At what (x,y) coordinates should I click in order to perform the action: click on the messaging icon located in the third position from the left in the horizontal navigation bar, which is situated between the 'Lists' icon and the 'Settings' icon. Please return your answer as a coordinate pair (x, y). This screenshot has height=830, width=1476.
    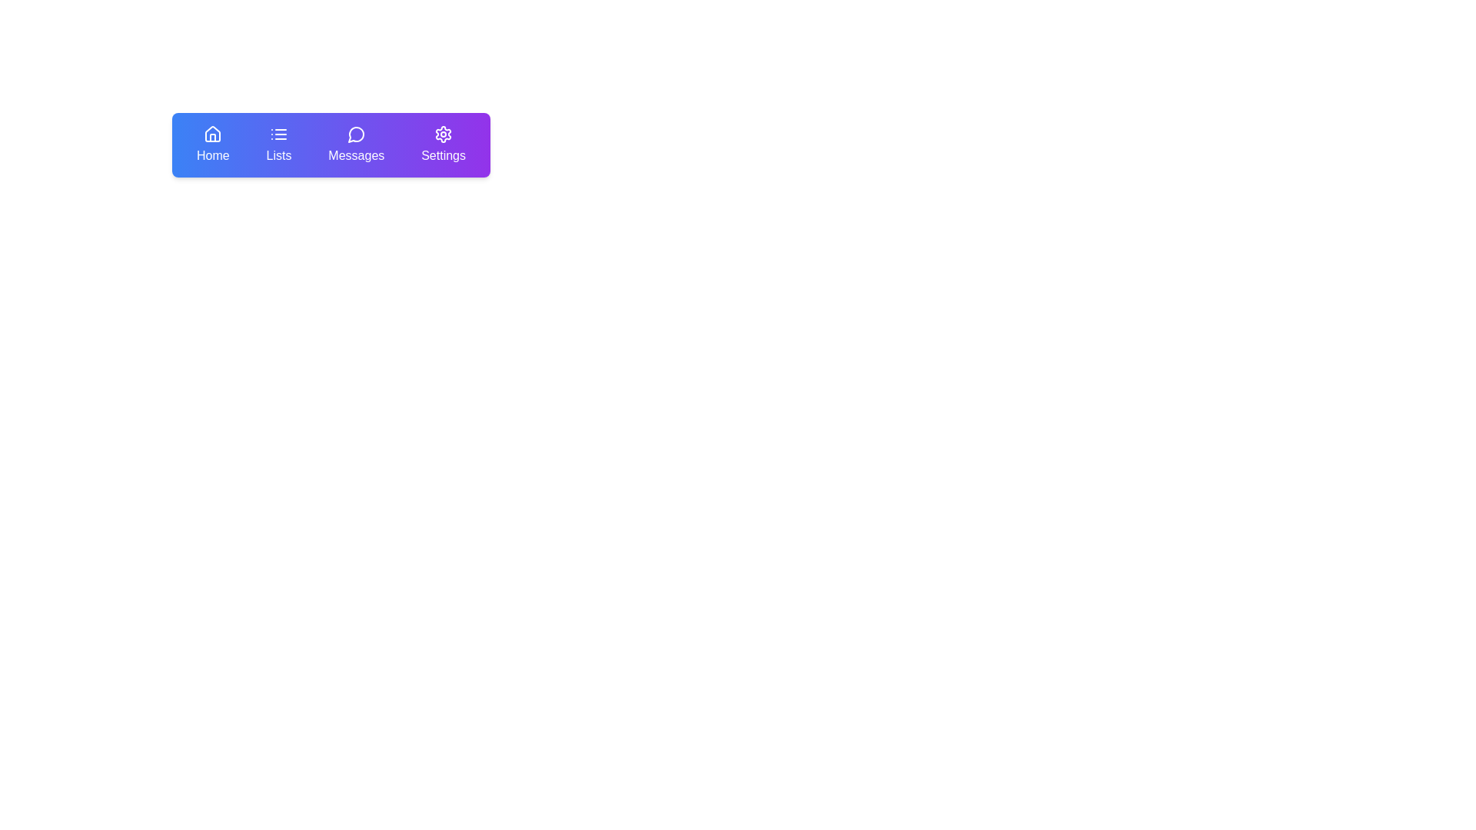
    Looking at the image, I should click on (355, 134).